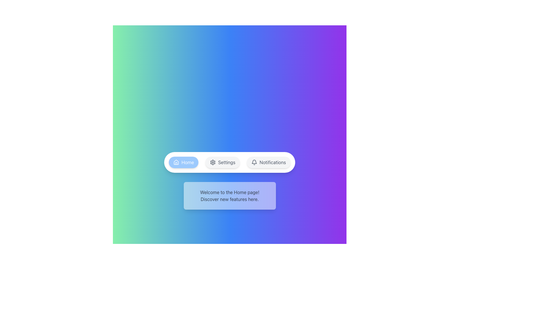 The image size is (553, 311). I want to click on the inner graphical component of the settings icon, which resembles a gear shape and is located centrally within the larger gear icon in the navigation bar, so click(213, 162).